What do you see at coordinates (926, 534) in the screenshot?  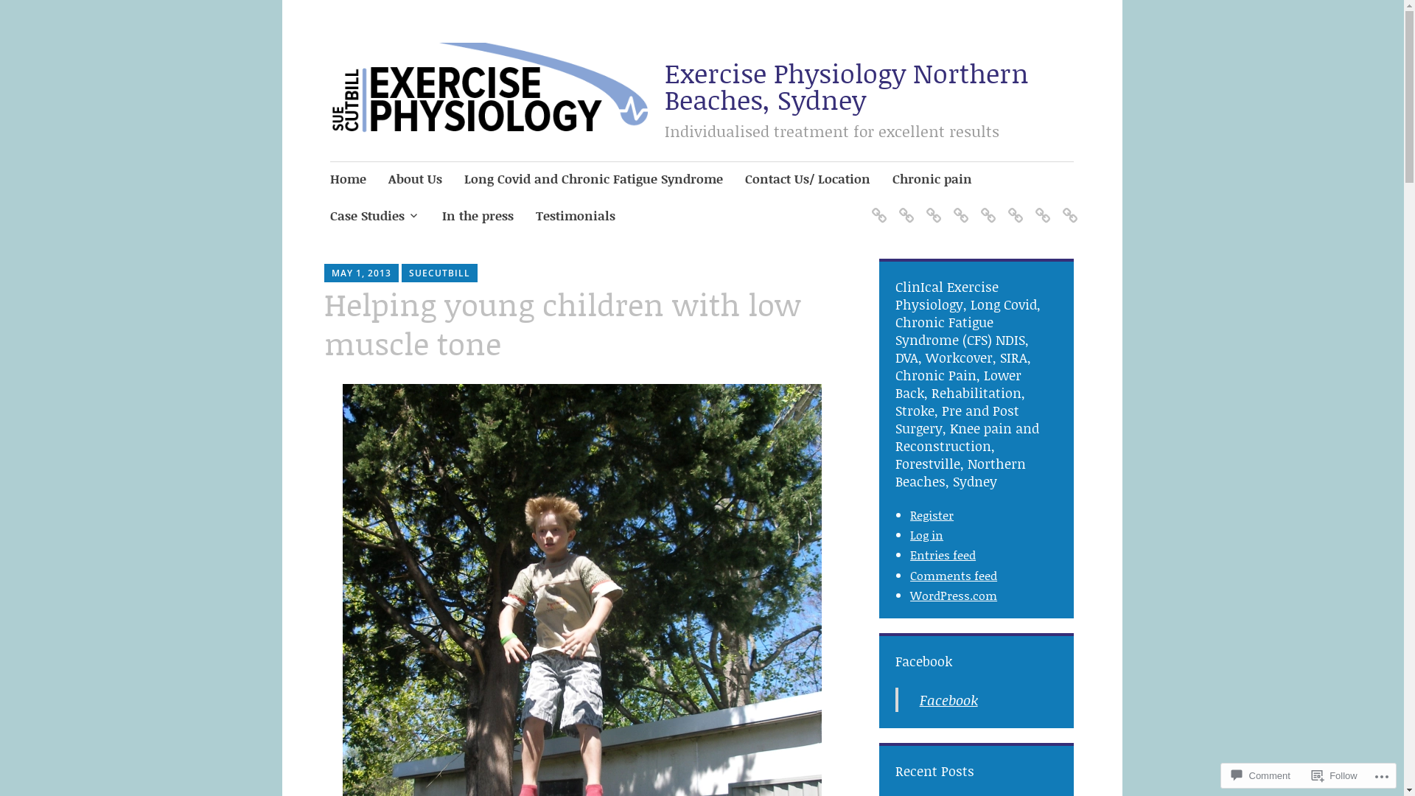 I see `'Log in'` at bounding box center [926, 534].